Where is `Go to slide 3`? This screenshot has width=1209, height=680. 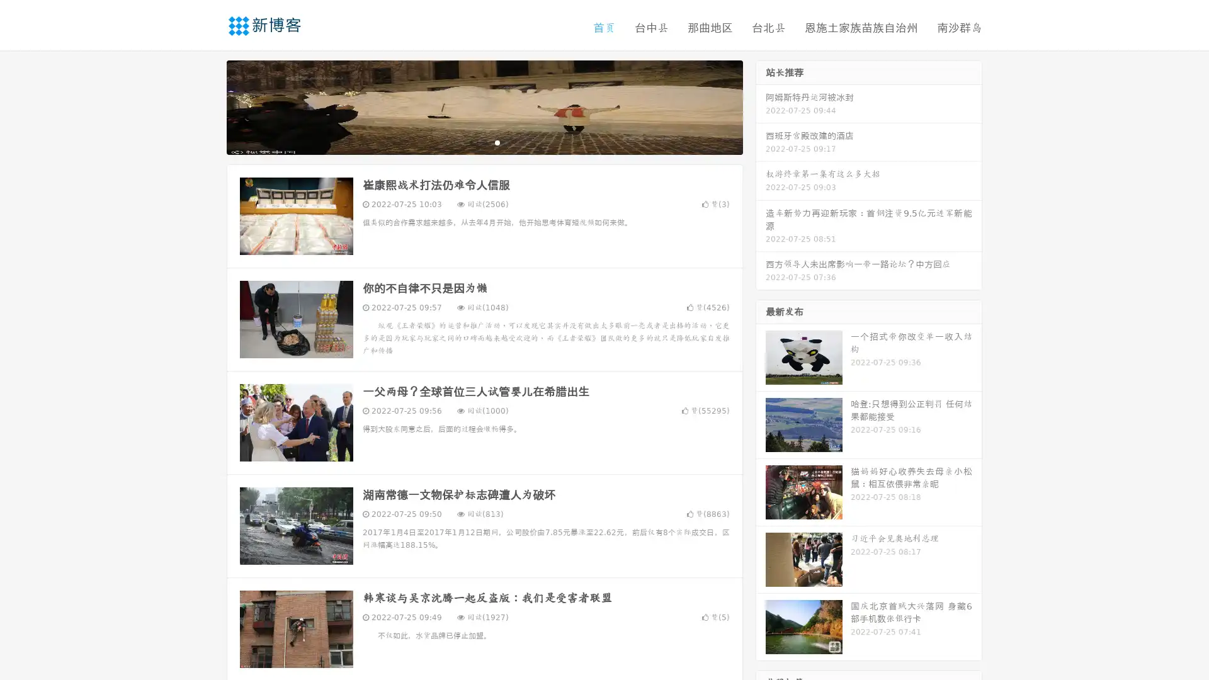 Go to slide 3 is located at coordinates (497, 142).